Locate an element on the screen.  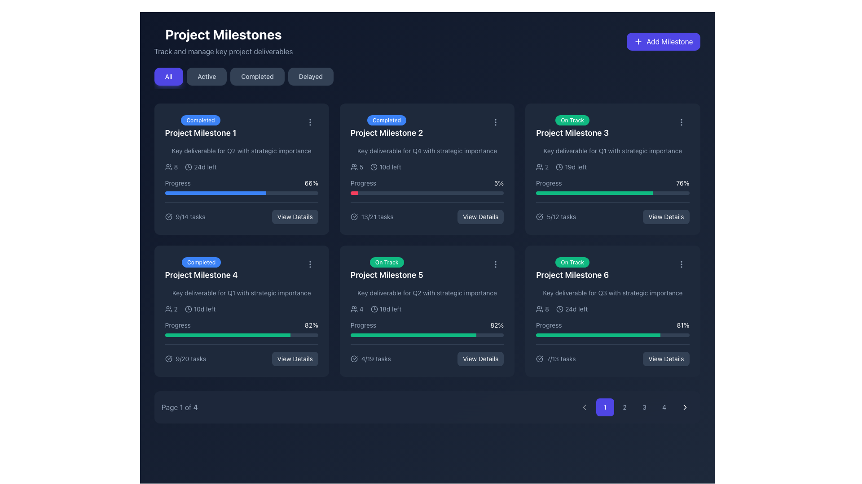
the progress indicated by the horizontal blue progress bar segment that occupies about two-thirds of the full-length progress bar labeled 'Progress' under 'Project Milestone 1' on the dashboard is located at coordinates (215, 193).